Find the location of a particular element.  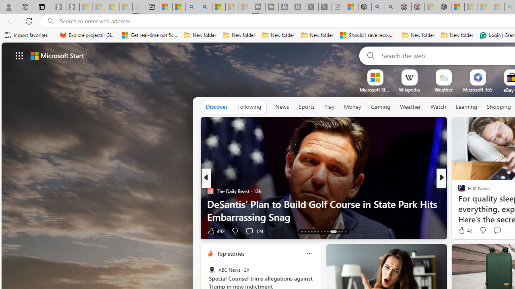

'Wikipedia' is located at coordinates (409, 90).